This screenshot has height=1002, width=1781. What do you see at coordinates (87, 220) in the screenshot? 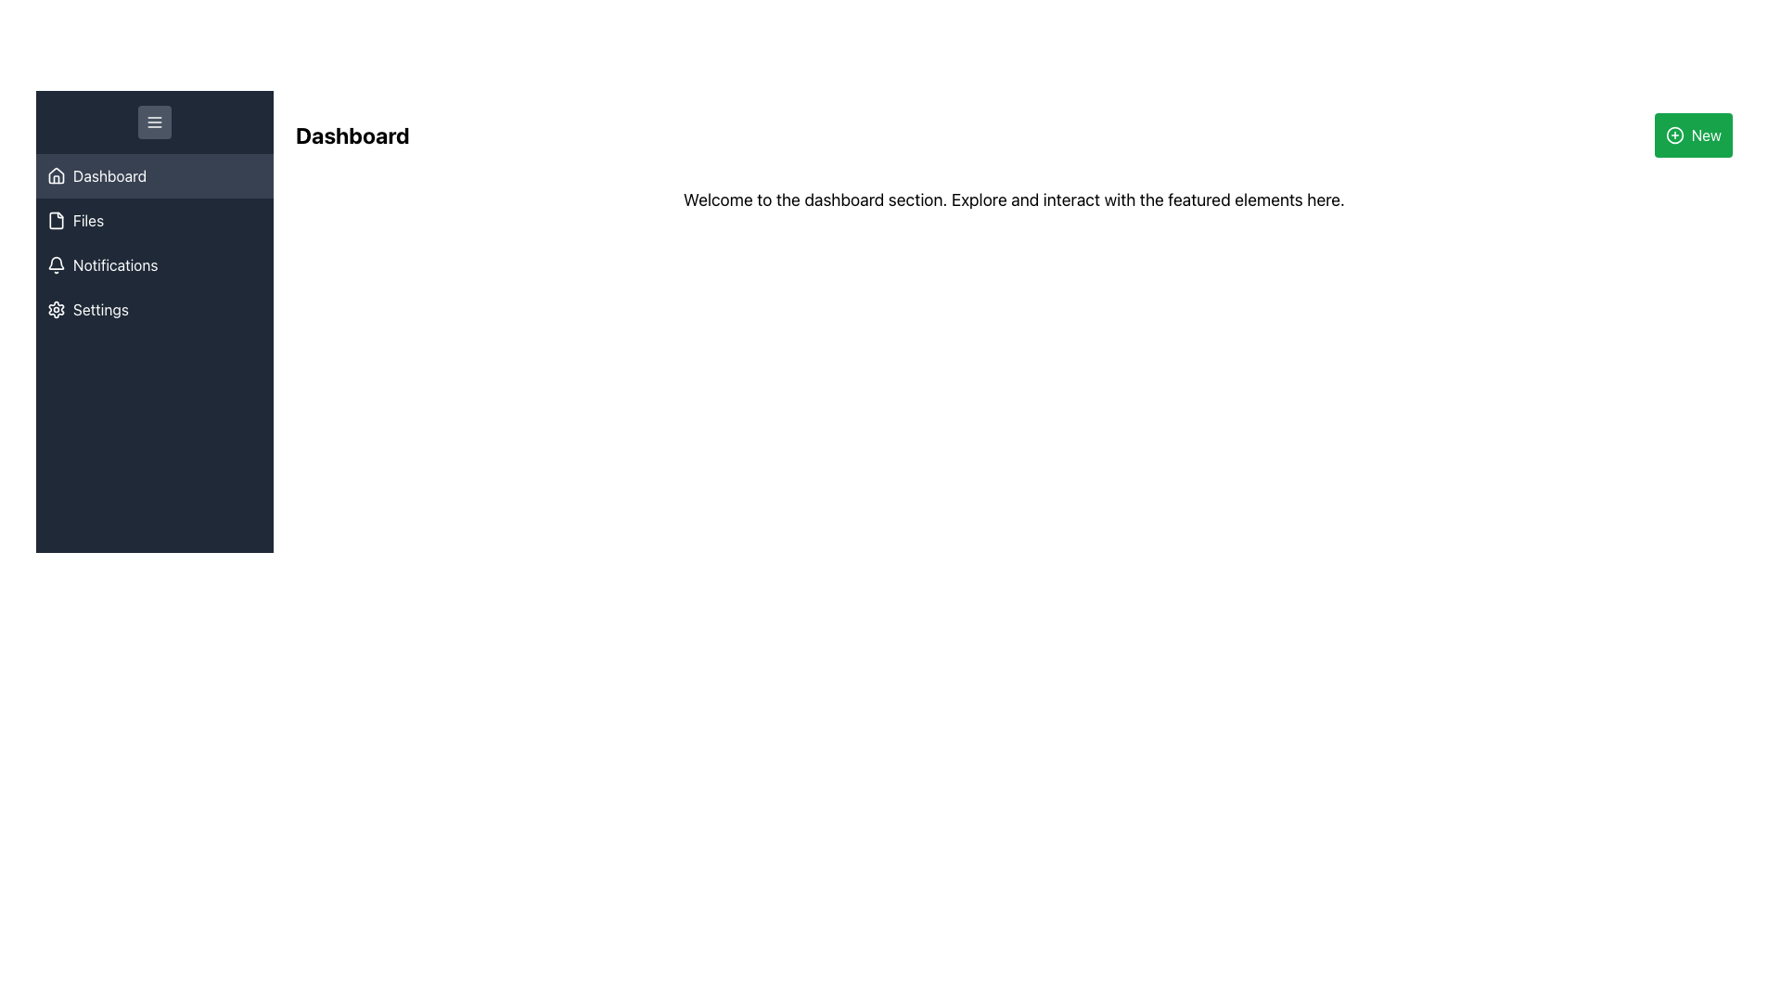
I see `the 'Files' text label in the vertical navigation bar` at bounding box center [87, 220].